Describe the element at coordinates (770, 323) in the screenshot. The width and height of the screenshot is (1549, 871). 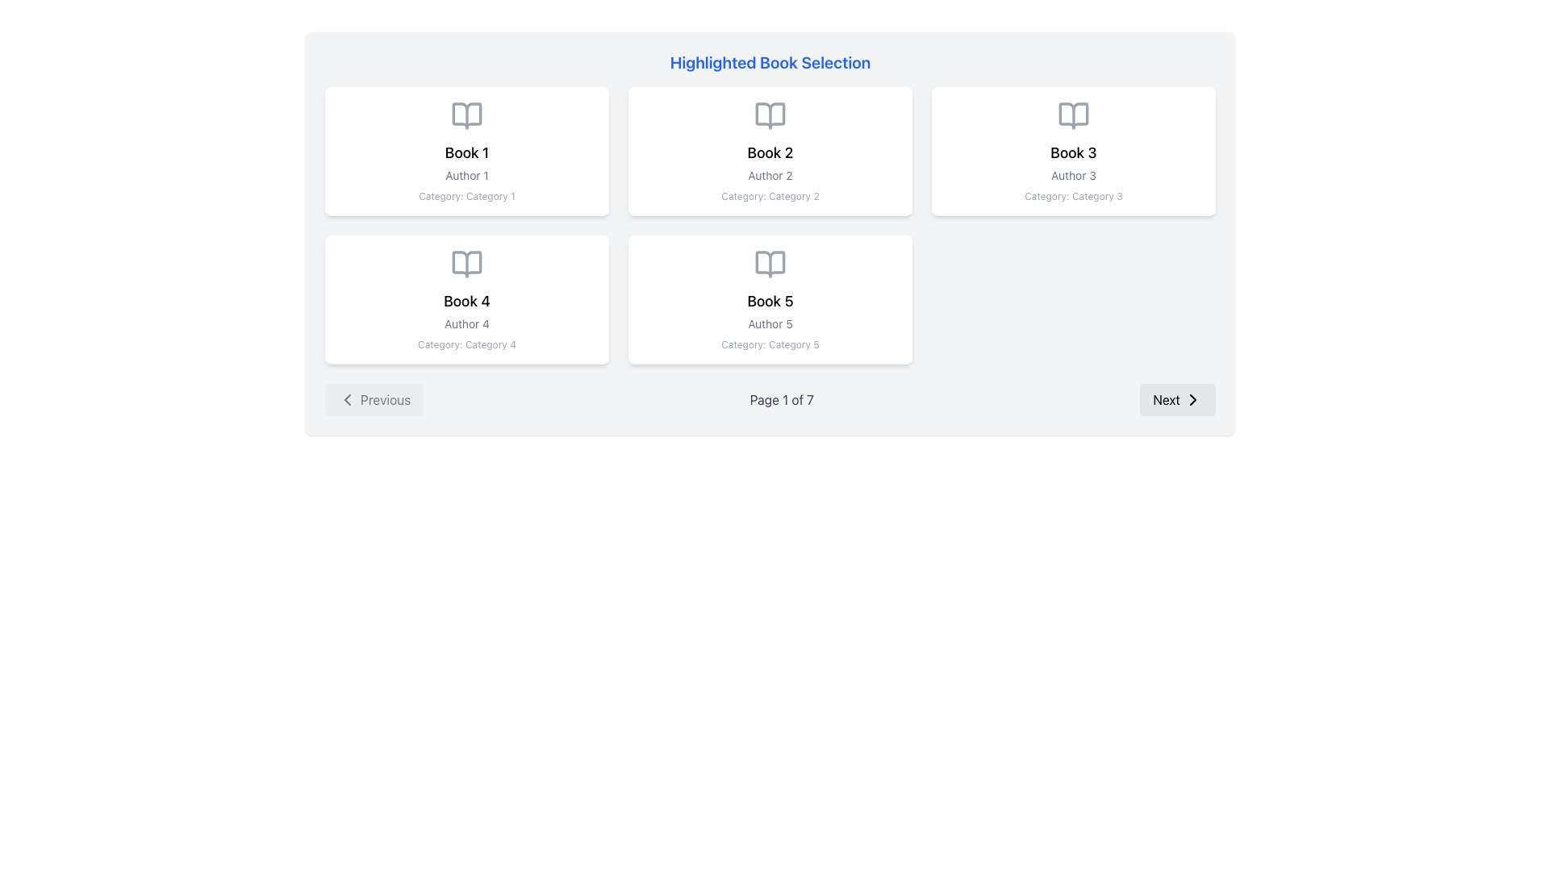
I see `the Text Label indicating the author of the book, located within the card labeled 'Book 5', positioned below the title and above the category description` at that location.